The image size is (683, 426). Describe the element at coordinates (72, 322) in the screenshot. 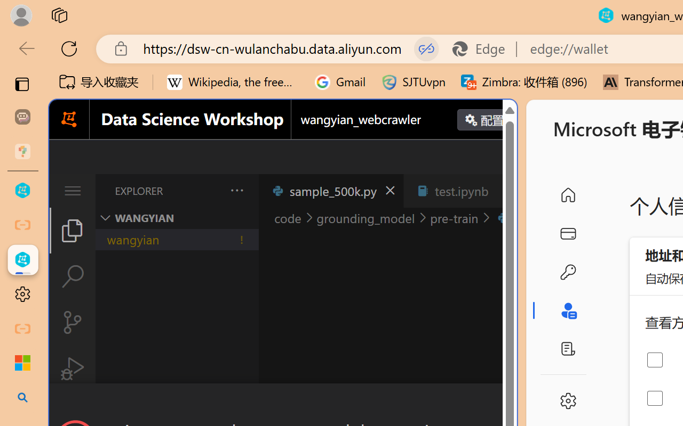

I see `'Source Control (Ctrl+Shift+G)'` at that location.